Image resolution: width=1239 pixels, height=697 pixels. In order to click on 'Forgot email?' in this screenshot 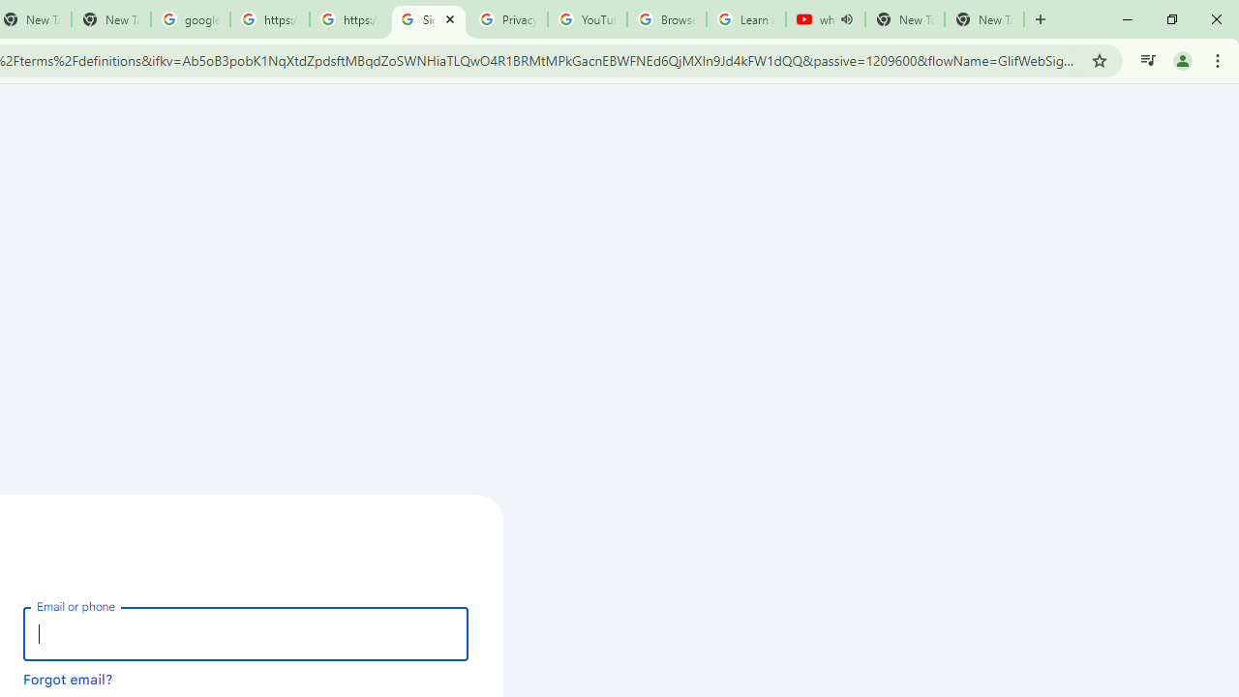, I will do `click(68, 678)`.